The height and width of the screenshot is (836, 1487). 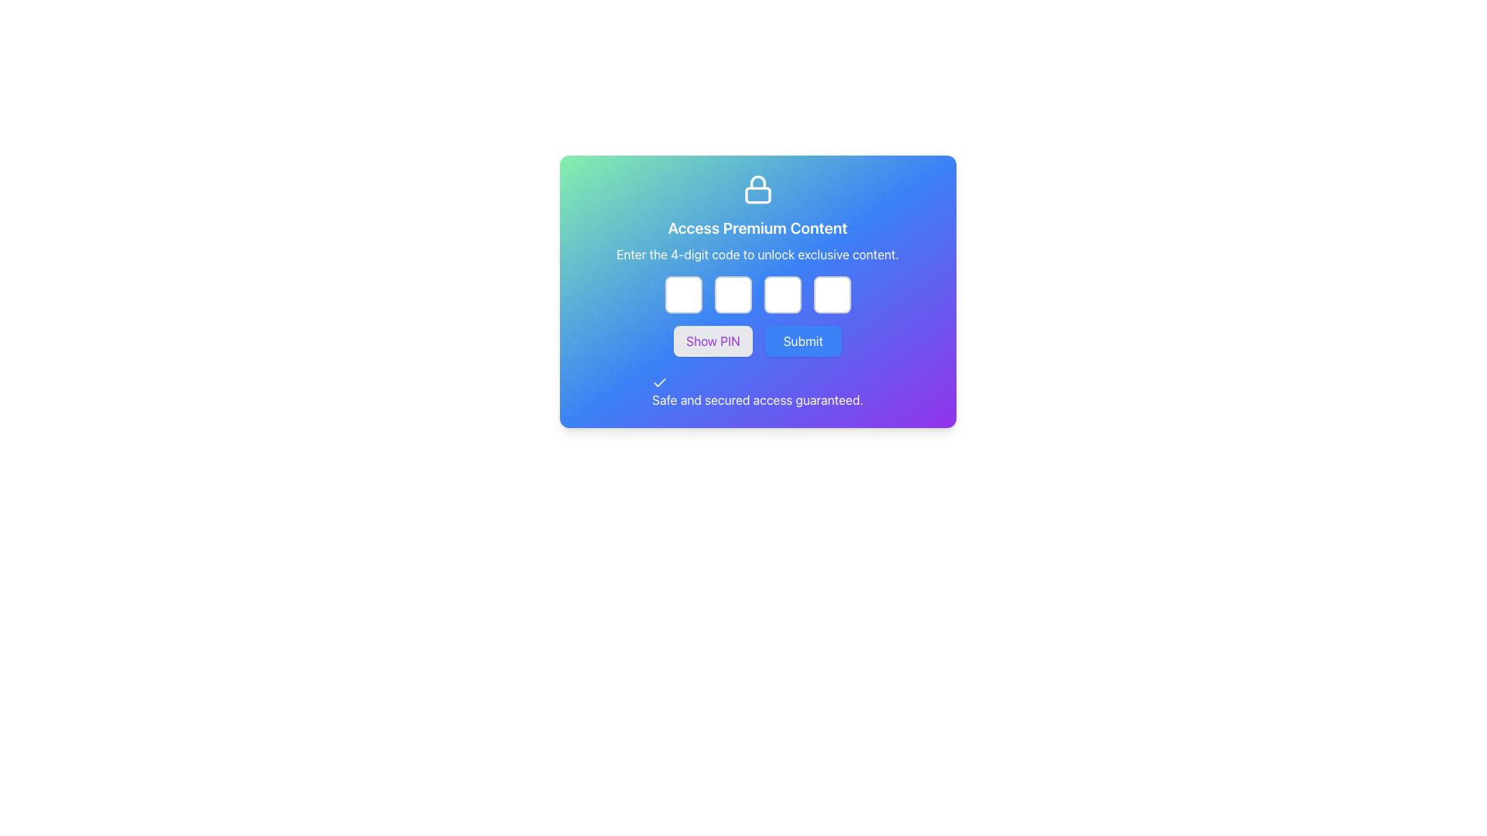 What do you see at coordinates (757, 399) in the screenshot?
I see `the assurance statement text located at the bottom-center of the gradient card, directly beneath the 'Show PIN' and 'Submit' buttons` at bounding box center [757, 399].